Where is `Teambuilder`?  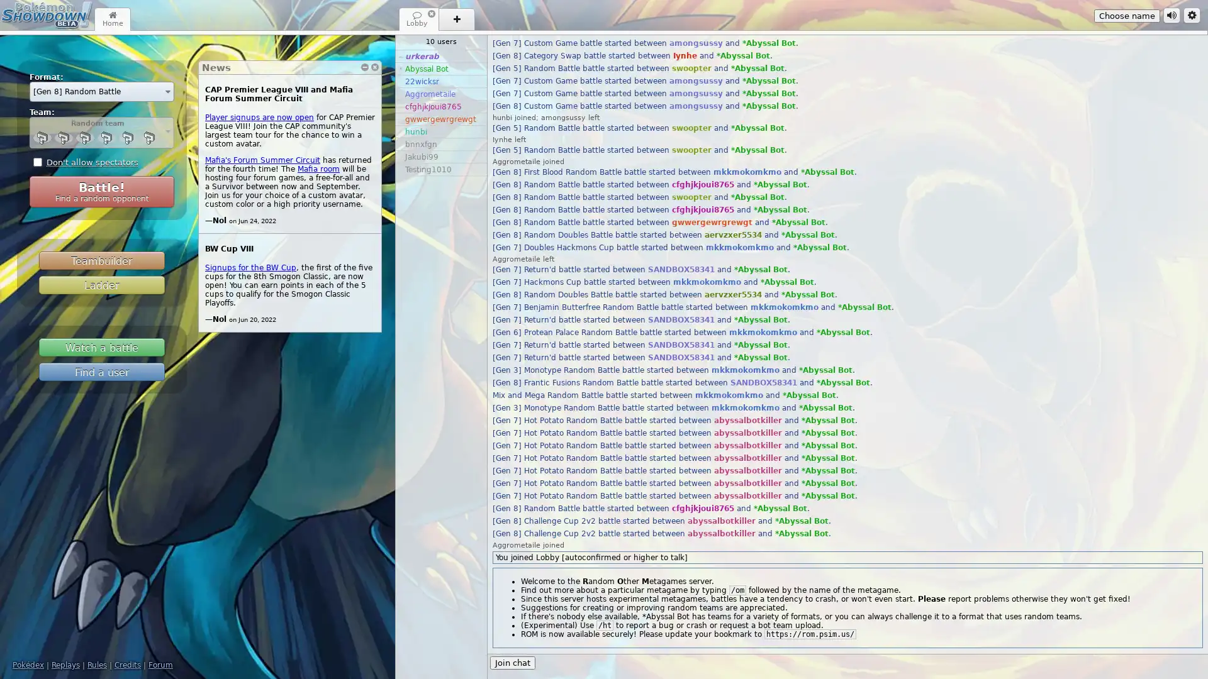
Teambuilder is located at coordinates (102, 260).